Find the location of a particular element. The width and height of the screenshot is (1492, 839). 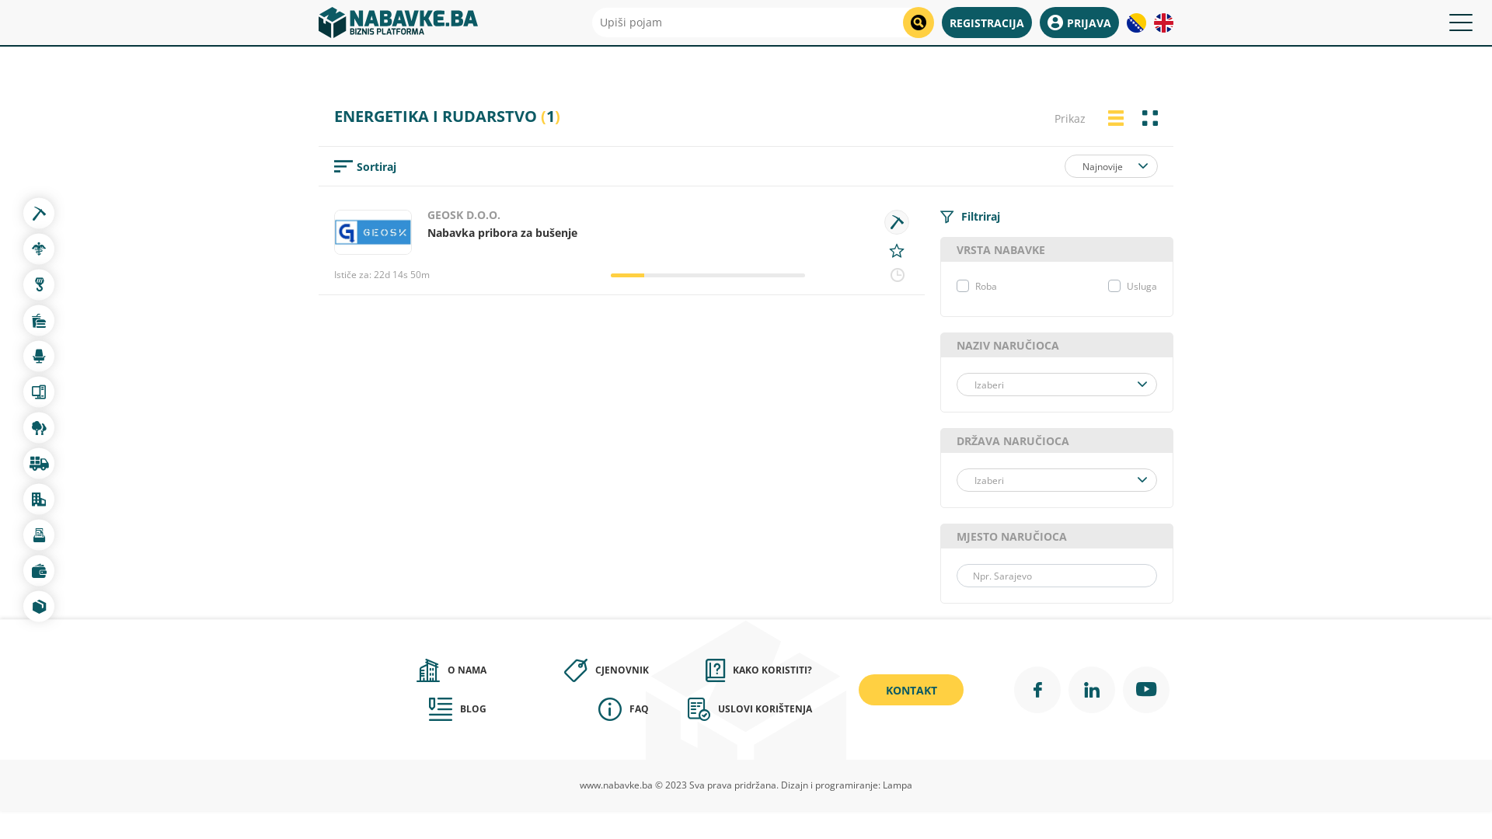

'KONTAKT' is located at coordinates (911, 688).